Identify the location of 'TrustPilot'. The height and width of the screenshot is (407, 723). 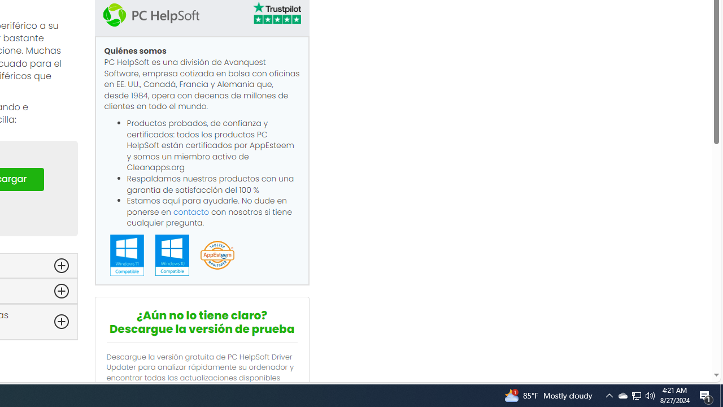
(276, 13).